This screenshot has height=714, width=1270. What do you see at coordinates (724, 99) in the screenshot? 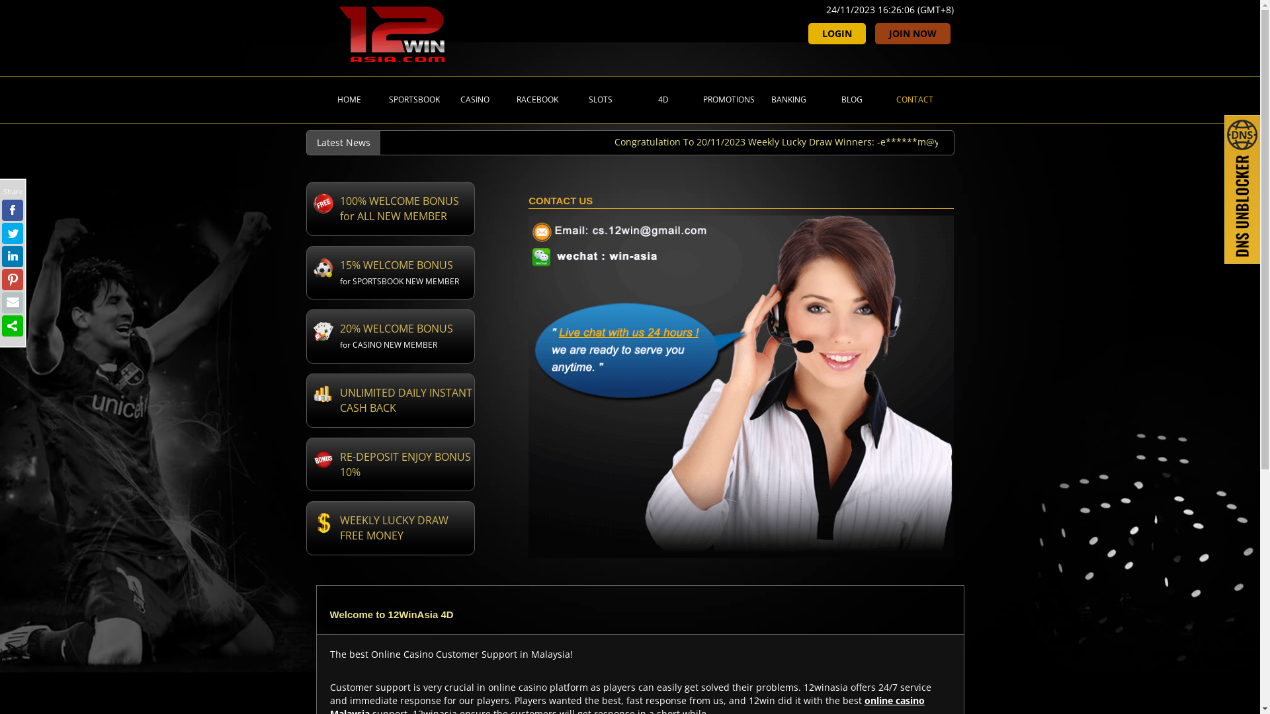
I see `'PROMOTIONS'` at bounding box center [724, 99].